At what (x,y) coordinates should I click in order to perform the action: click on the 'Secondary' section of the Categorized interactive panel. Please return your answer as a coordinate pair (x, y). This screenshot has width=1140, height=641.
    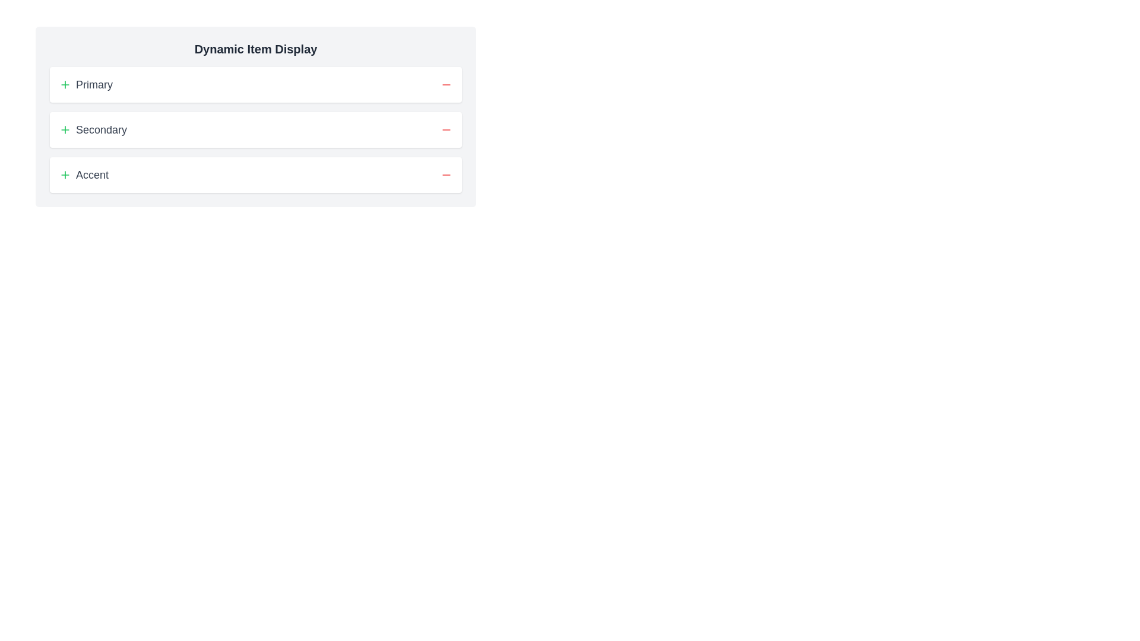
    Looking at the image, I should click on (255, 126).